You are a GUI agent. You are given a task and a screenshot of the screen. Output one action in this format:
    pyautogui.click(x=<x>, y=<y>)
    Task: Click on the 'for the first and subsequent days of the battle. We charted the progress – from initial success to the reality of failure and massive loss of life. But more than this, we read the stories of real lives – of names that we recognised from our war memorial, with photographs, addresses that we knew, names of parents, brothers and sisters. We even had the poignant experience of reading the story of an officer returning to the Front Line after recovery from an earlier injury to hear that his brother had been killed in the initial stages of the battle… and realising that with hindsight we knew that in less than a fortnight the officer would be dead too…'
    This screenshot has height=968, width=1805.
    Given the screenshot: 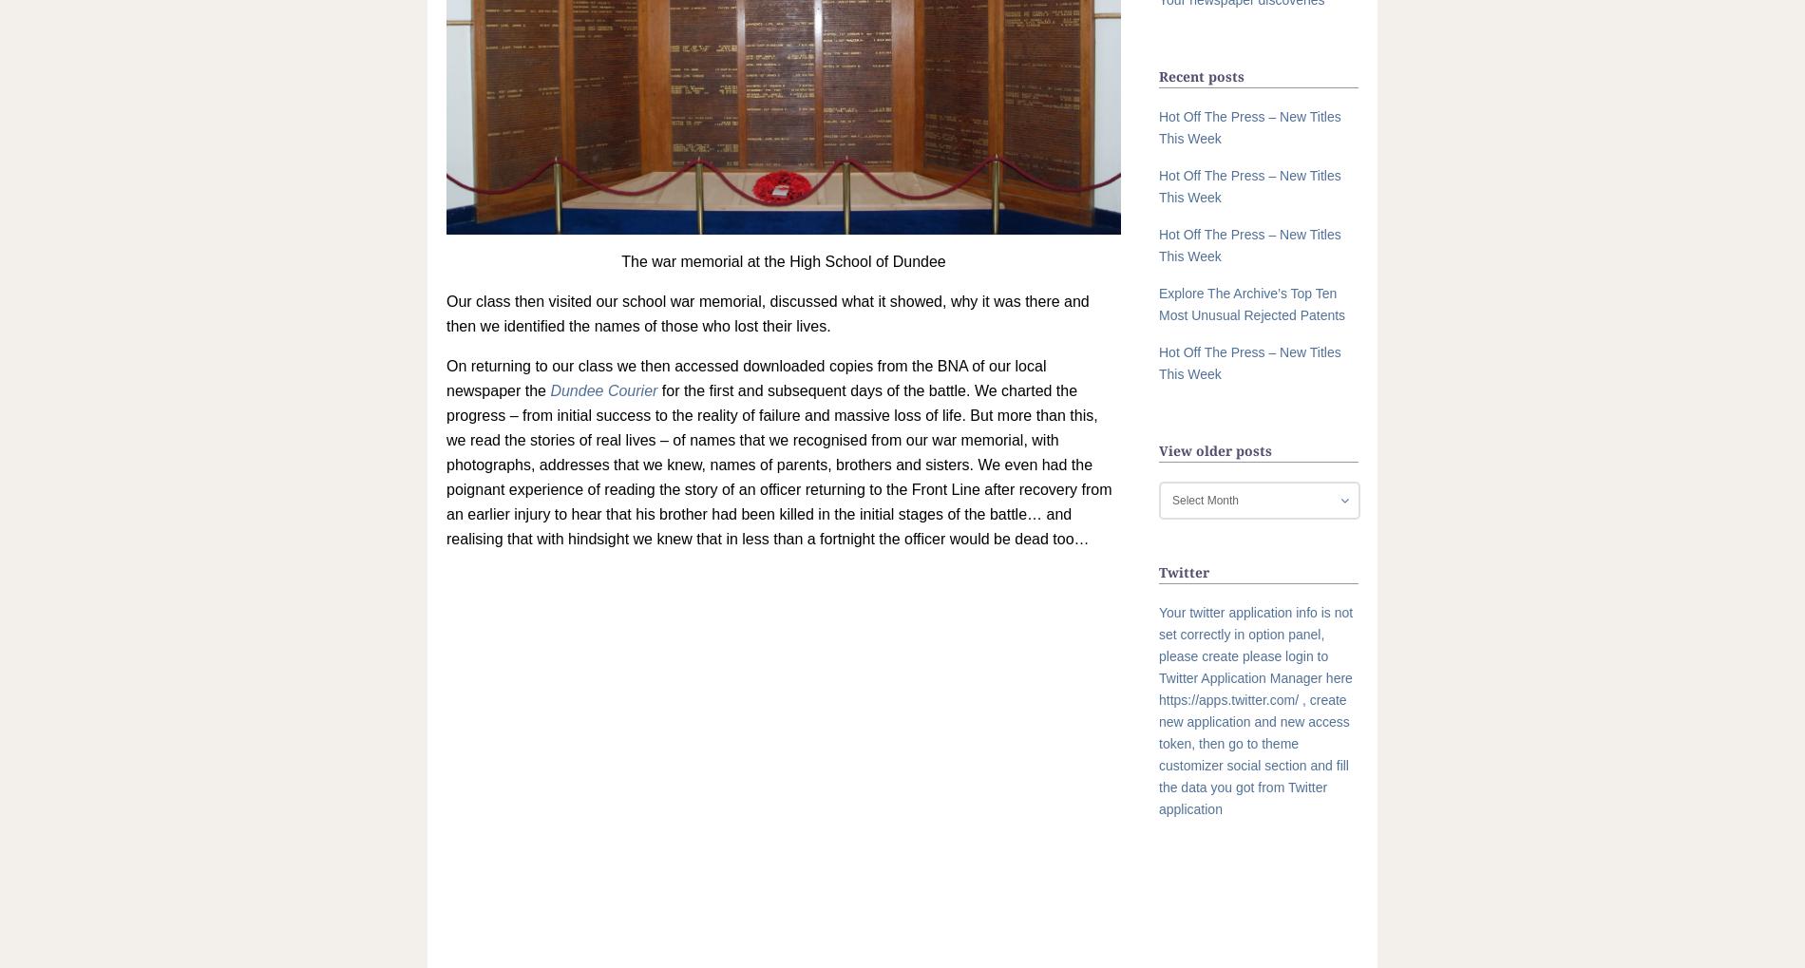 What is the action you would take?
    pyautogui.click(x=778, y=464)
    